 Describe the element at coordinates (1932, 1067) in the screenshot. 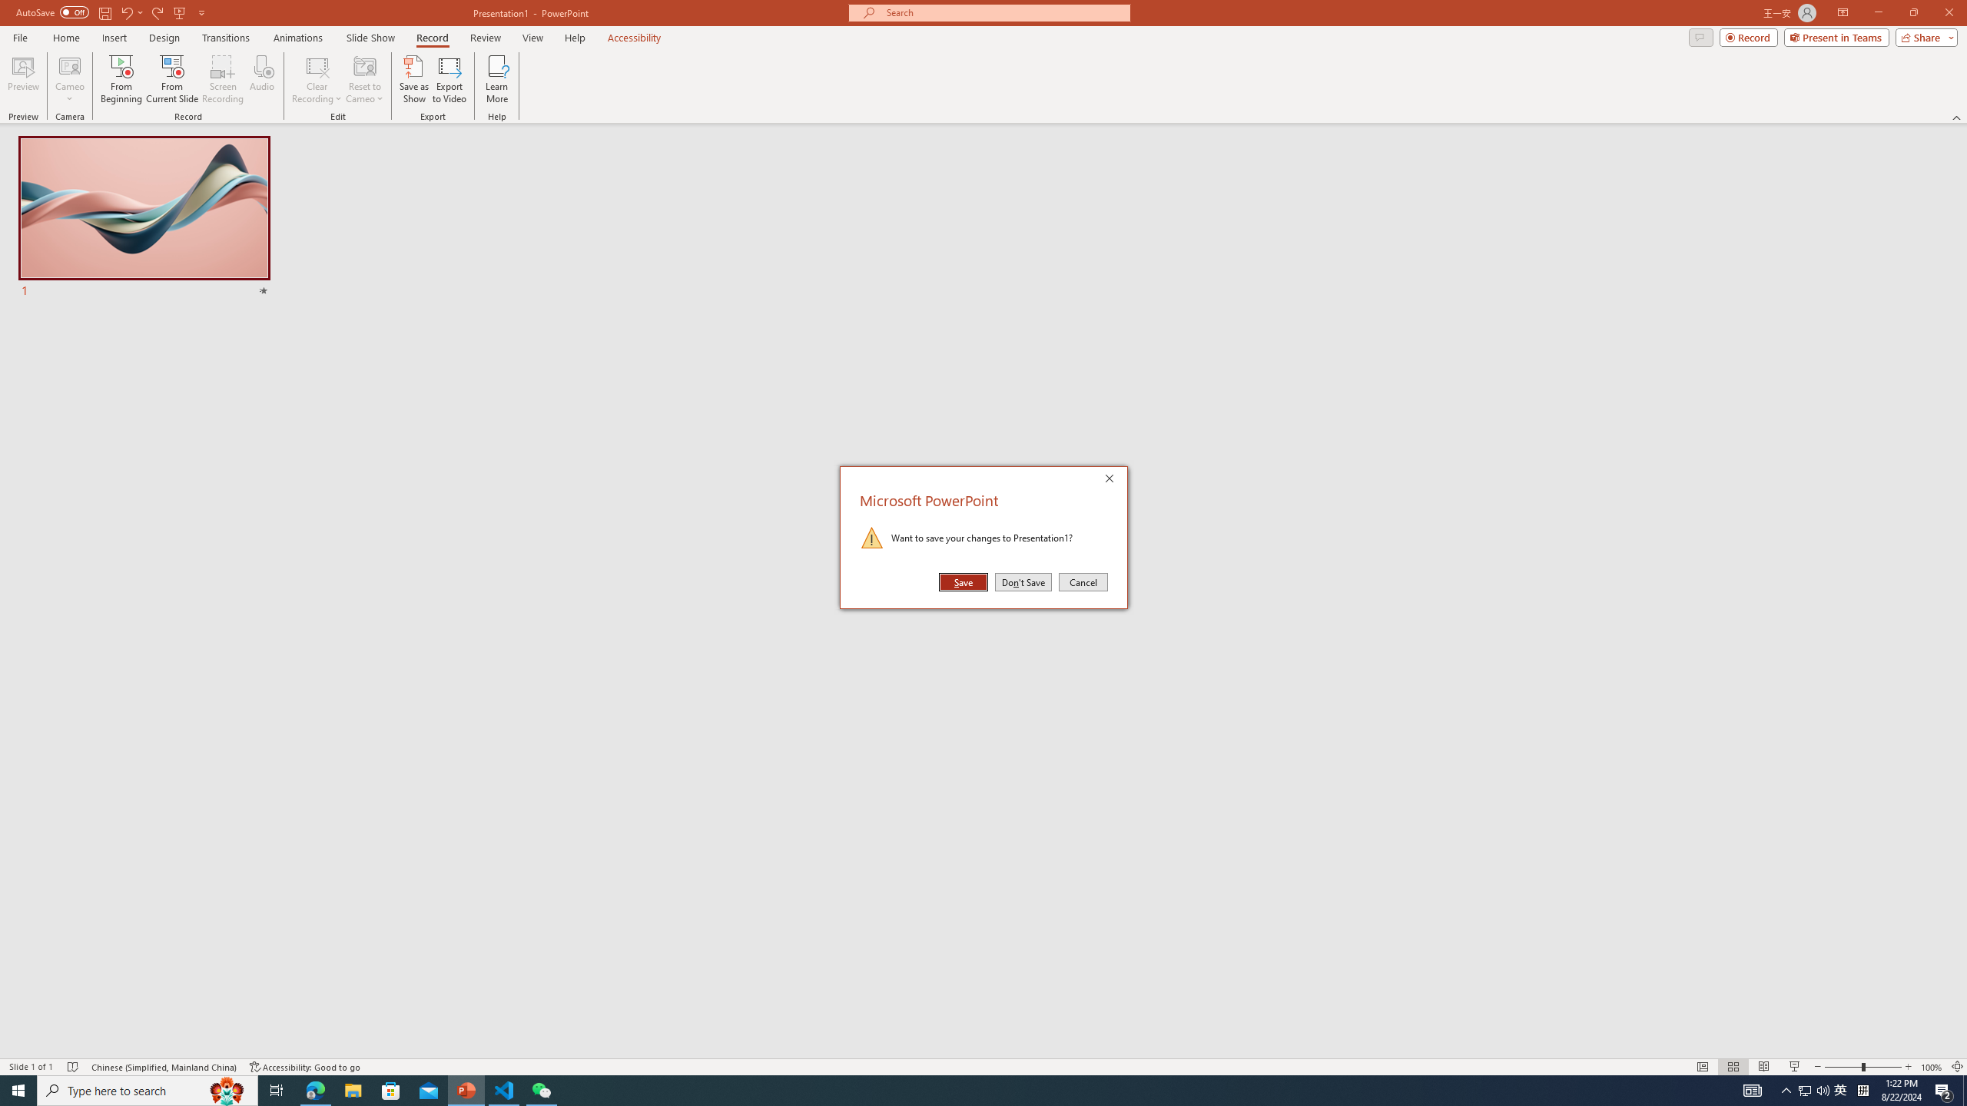

I see `'Zoom 100%'` at that location.